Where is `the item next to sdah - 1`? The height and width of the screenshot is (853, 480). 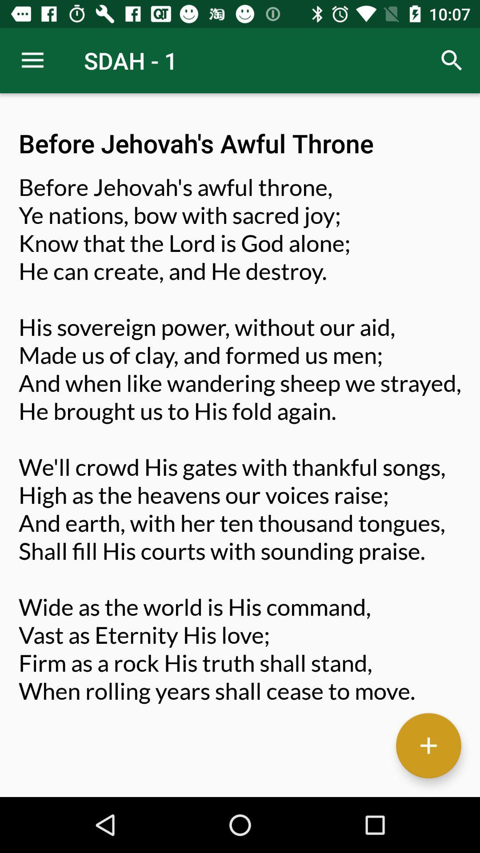
the item next to sdah - 1 is located at coordinates (452, 60).